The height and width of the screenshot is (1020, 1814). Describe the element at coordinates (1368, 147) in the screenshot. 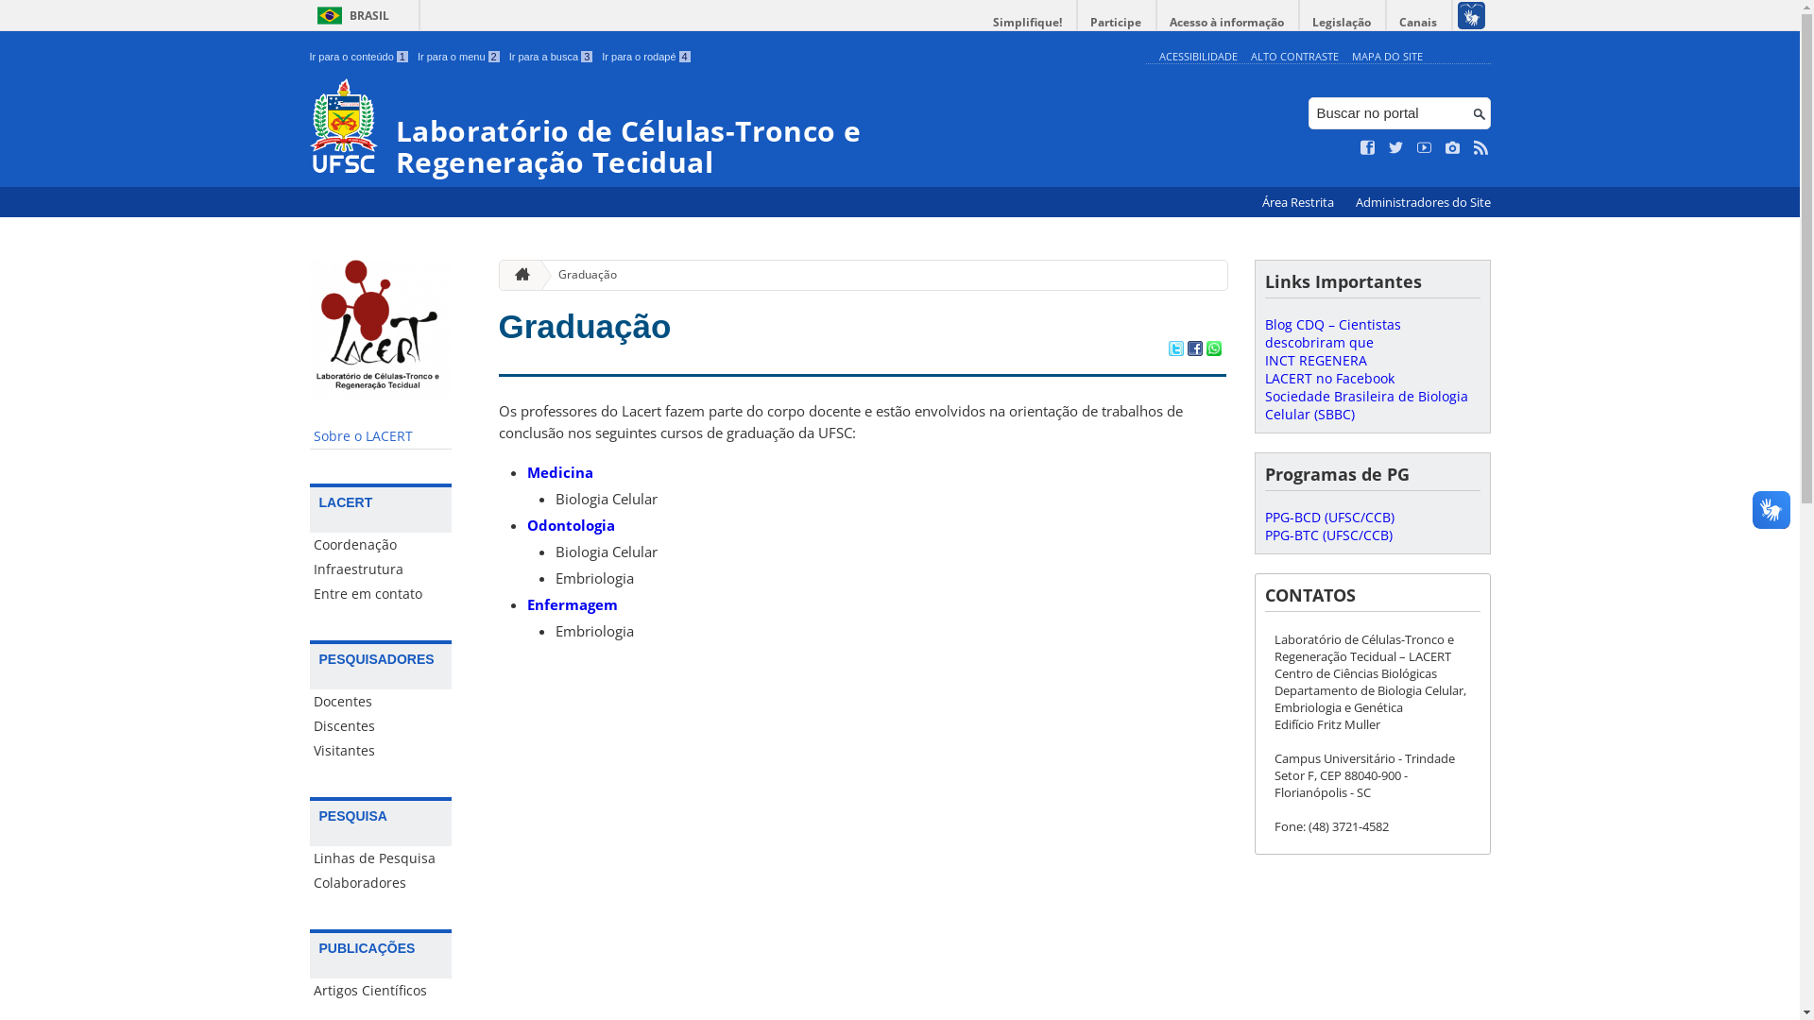

I see `'Curta no Facebook'` at that location.